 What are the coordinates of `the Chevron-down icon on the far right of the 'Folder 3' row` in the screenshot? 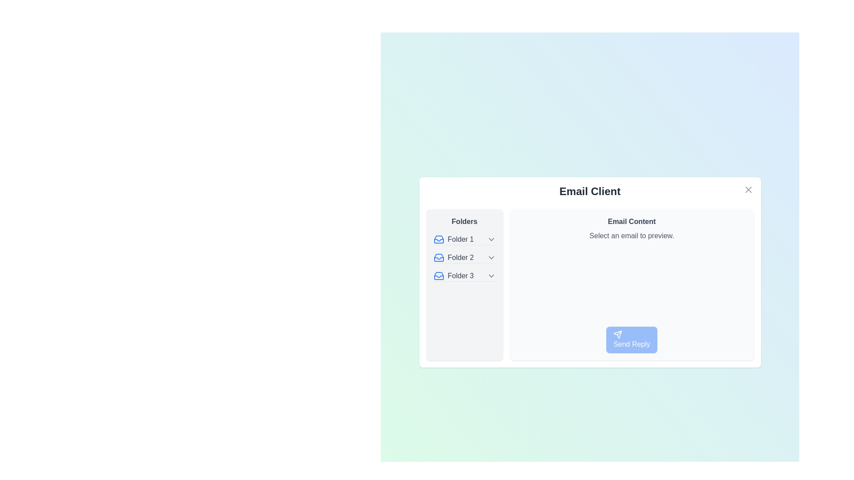 It's located at (491, 276).